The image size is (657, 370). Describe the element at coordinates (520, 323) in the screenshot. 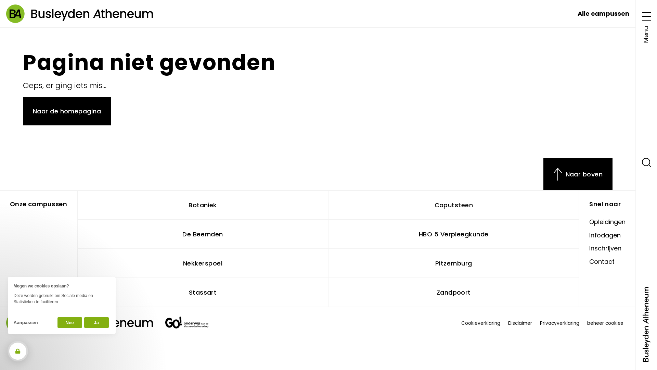

I see `'Disclaimer'` at that location.